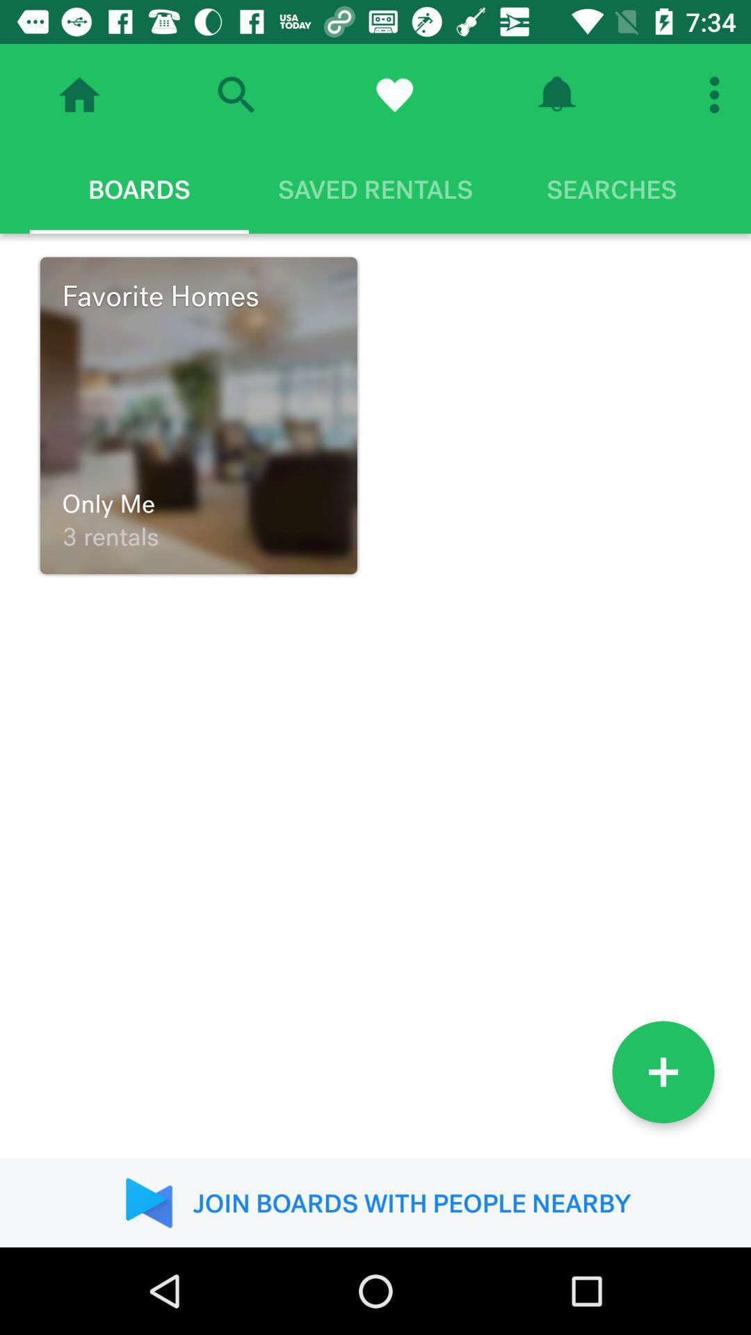 Image resolution: width=751 pixels, height=1335 pixels. I want to click on the 3 dot  more option on the top right, so click(718, 95).